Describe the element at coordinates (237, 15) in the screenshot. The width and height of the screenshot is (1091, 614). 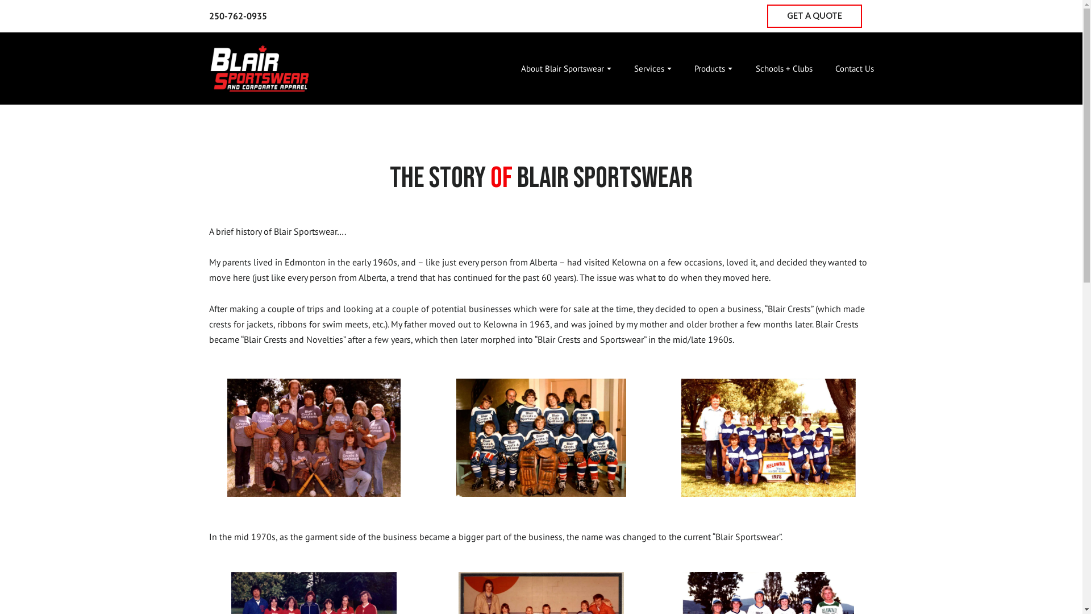
I see `'250-762-0935'` at that location.